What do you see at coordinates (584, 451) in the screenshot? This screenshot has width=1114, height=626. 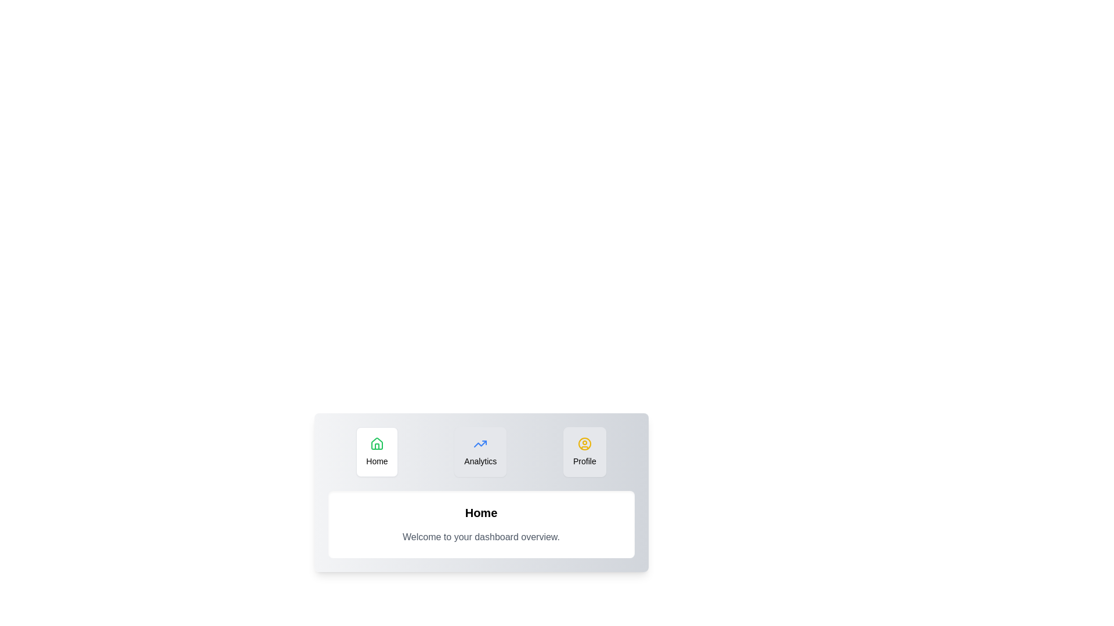 I see `the Profile tab by clicking on its button` at bounding box center [584, 451].